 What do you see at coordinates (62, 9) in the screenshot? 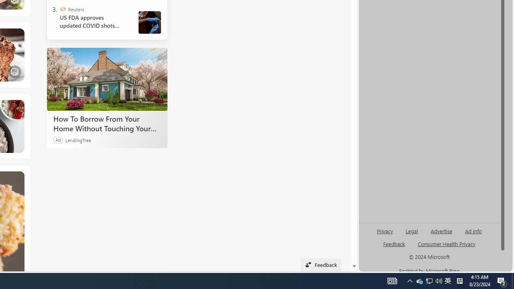
I see `'Reuters'` at bounding box center [62, 9].